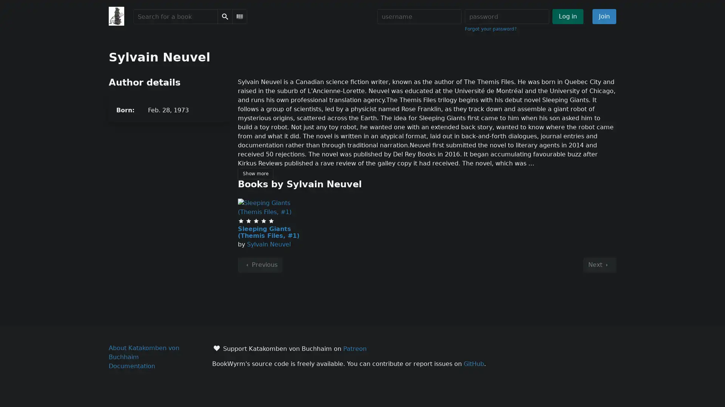 This screenshot has width=725, height=407. What do you see at coordinates (567, 16) in the screenshot?
I see `Log in` at bounding box center [567, 16].